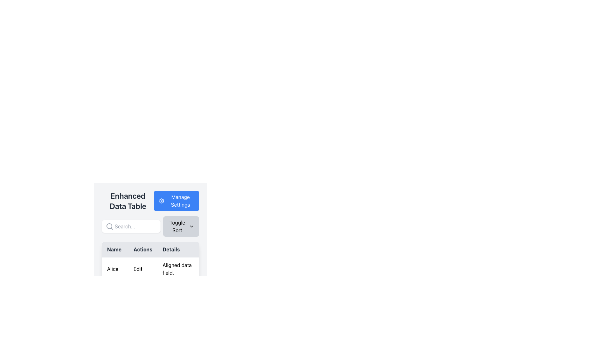  I want to click on the 'Enhanced Data Table' title text display, so click(128, 200).